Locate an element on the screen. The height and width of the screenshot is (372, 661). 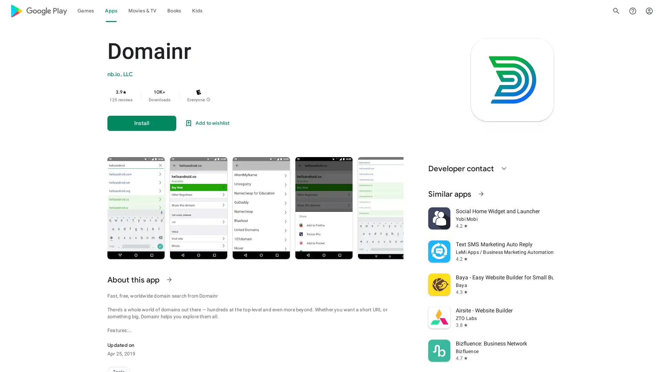
Screenshot image is located at coordinates (459, 208).